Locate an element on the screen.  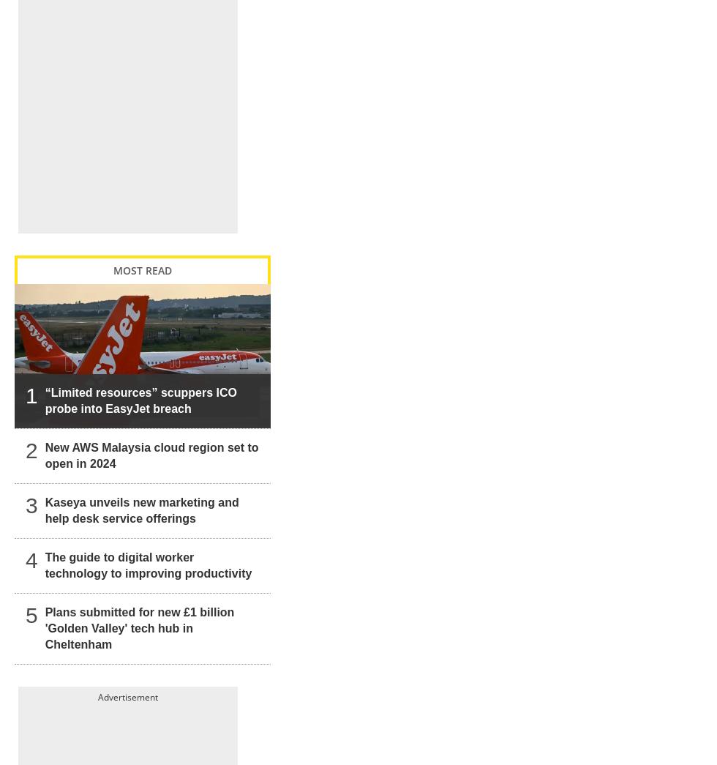
'2' is located at coordinates (31, 434).